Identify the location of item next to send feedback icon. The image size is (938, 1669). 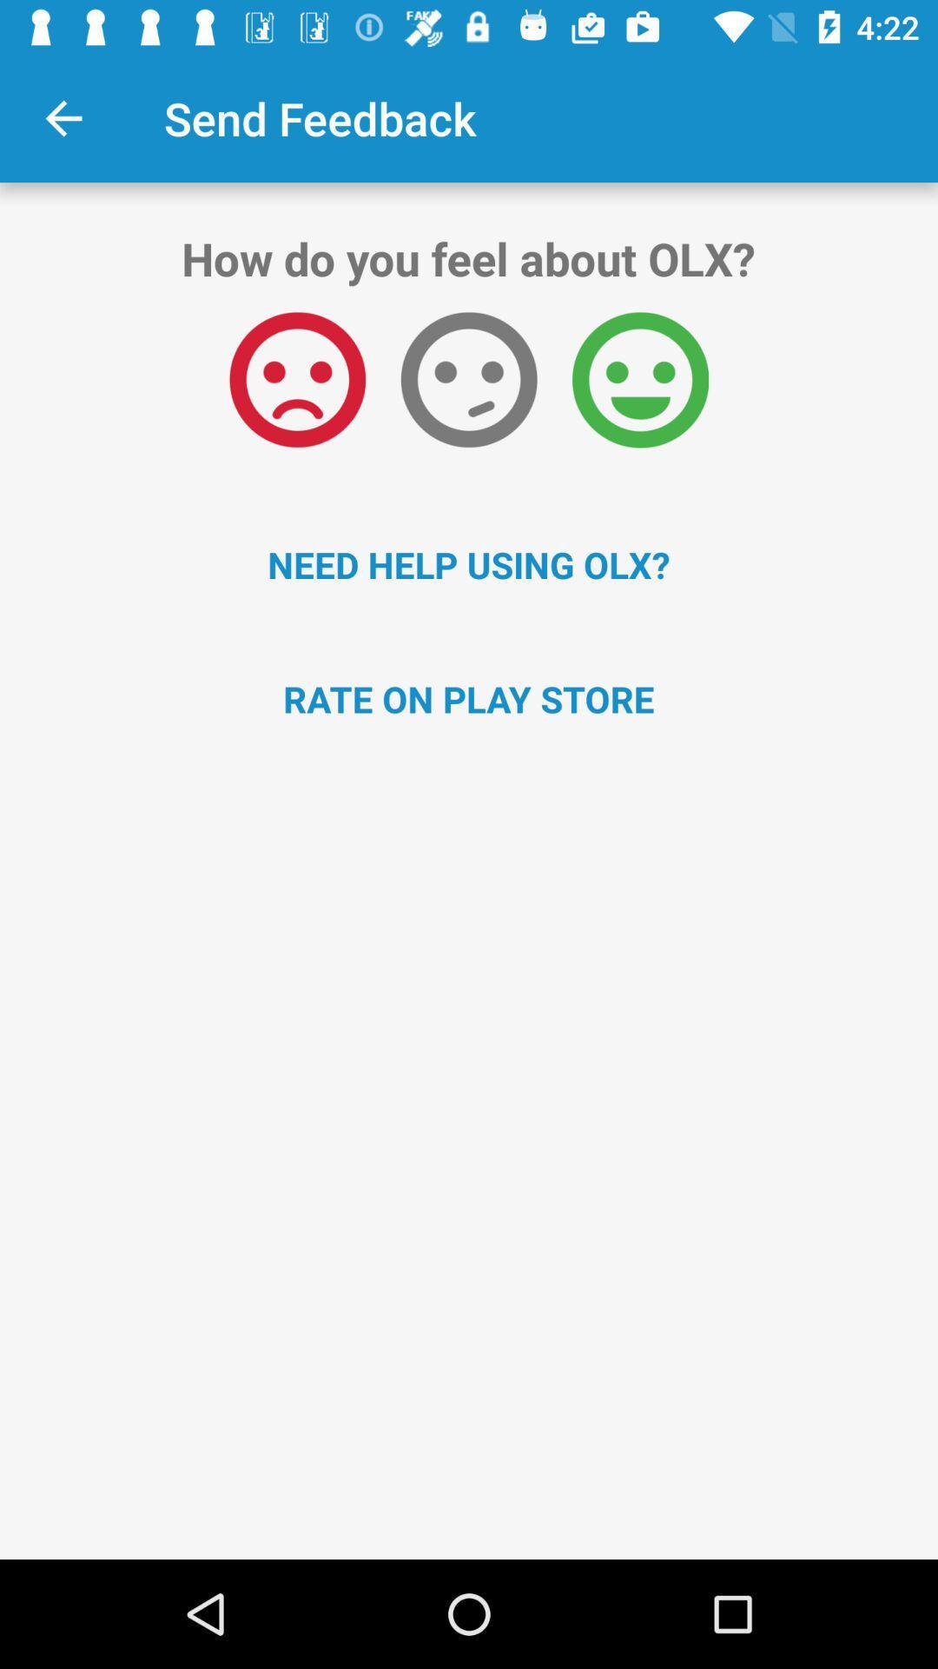
(63, 117).